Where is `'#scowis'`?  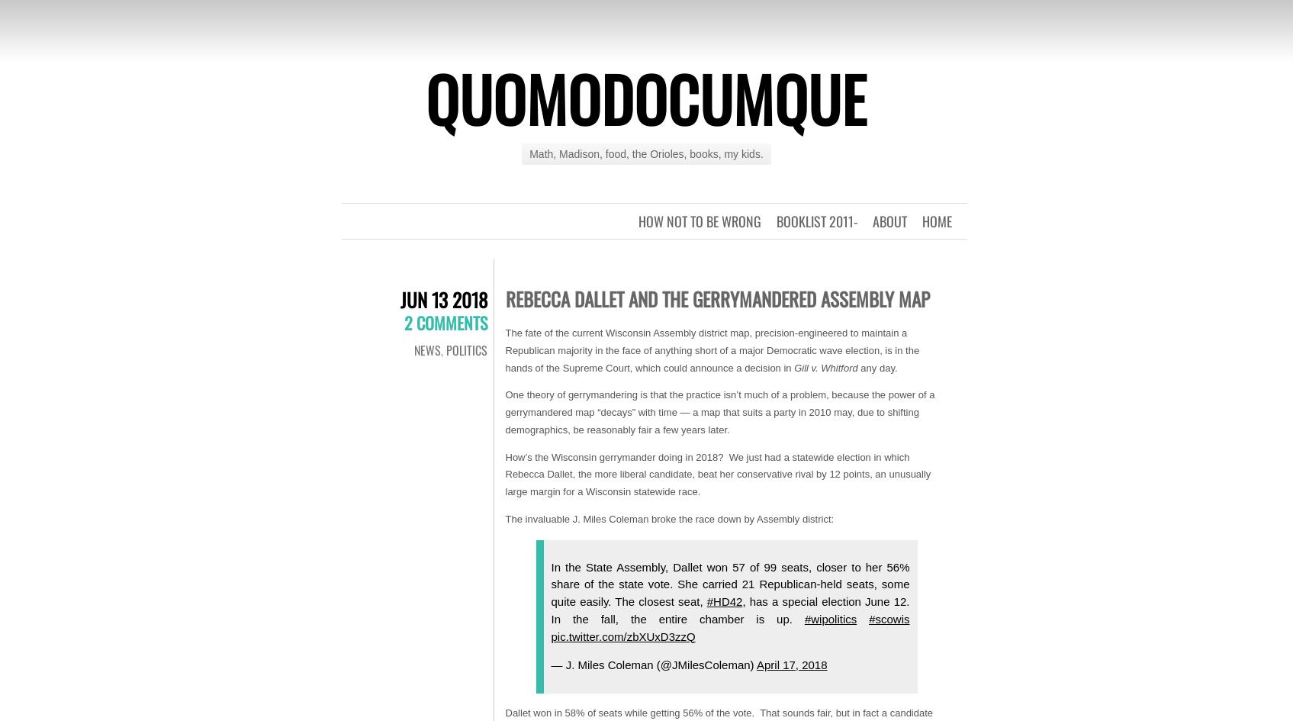
'#scowis' is located at coordinates (888, 618).